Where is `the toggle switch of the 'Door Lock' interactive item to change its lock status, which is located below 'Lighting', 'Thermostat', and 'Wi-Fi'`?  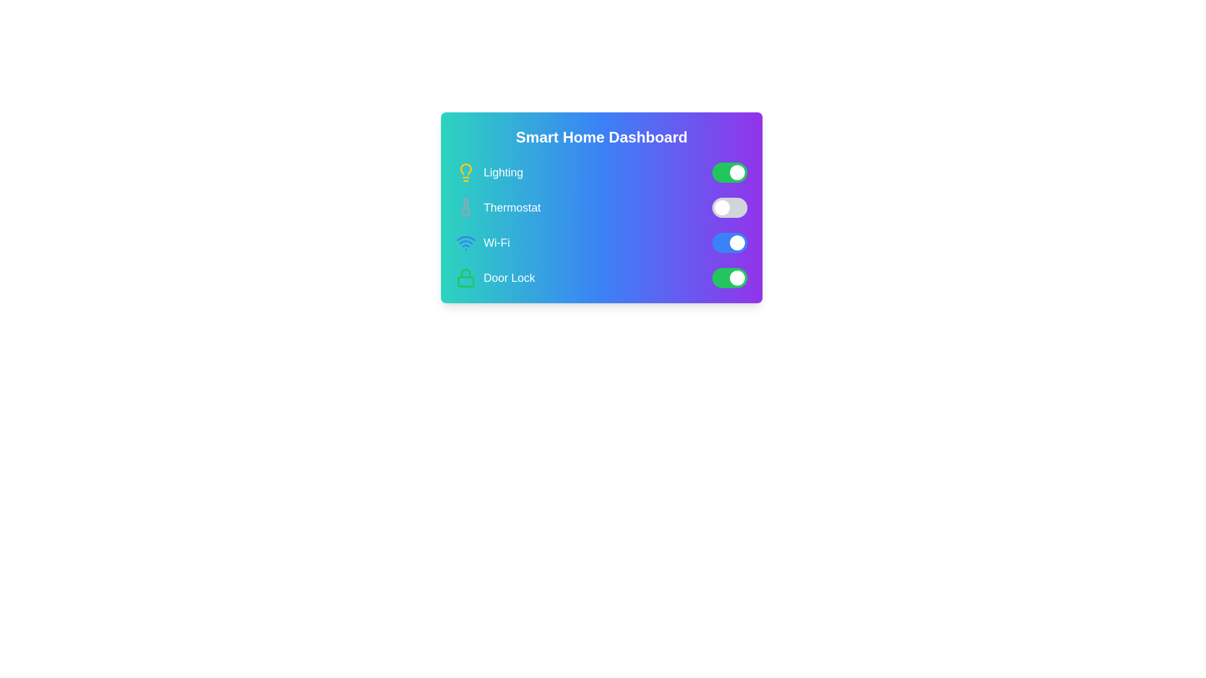 the toggle switch of the 'Door Lock' interactive item to change its lock status, which is located below 'Lighting', 'Thermostat', and 'Wi-Fi' is located at coordinates (601, 277).